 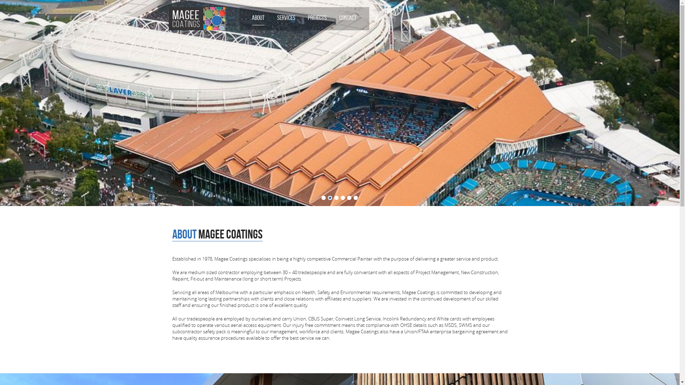 I want to click on 'PROJECTS', so click(x=316, y=17).